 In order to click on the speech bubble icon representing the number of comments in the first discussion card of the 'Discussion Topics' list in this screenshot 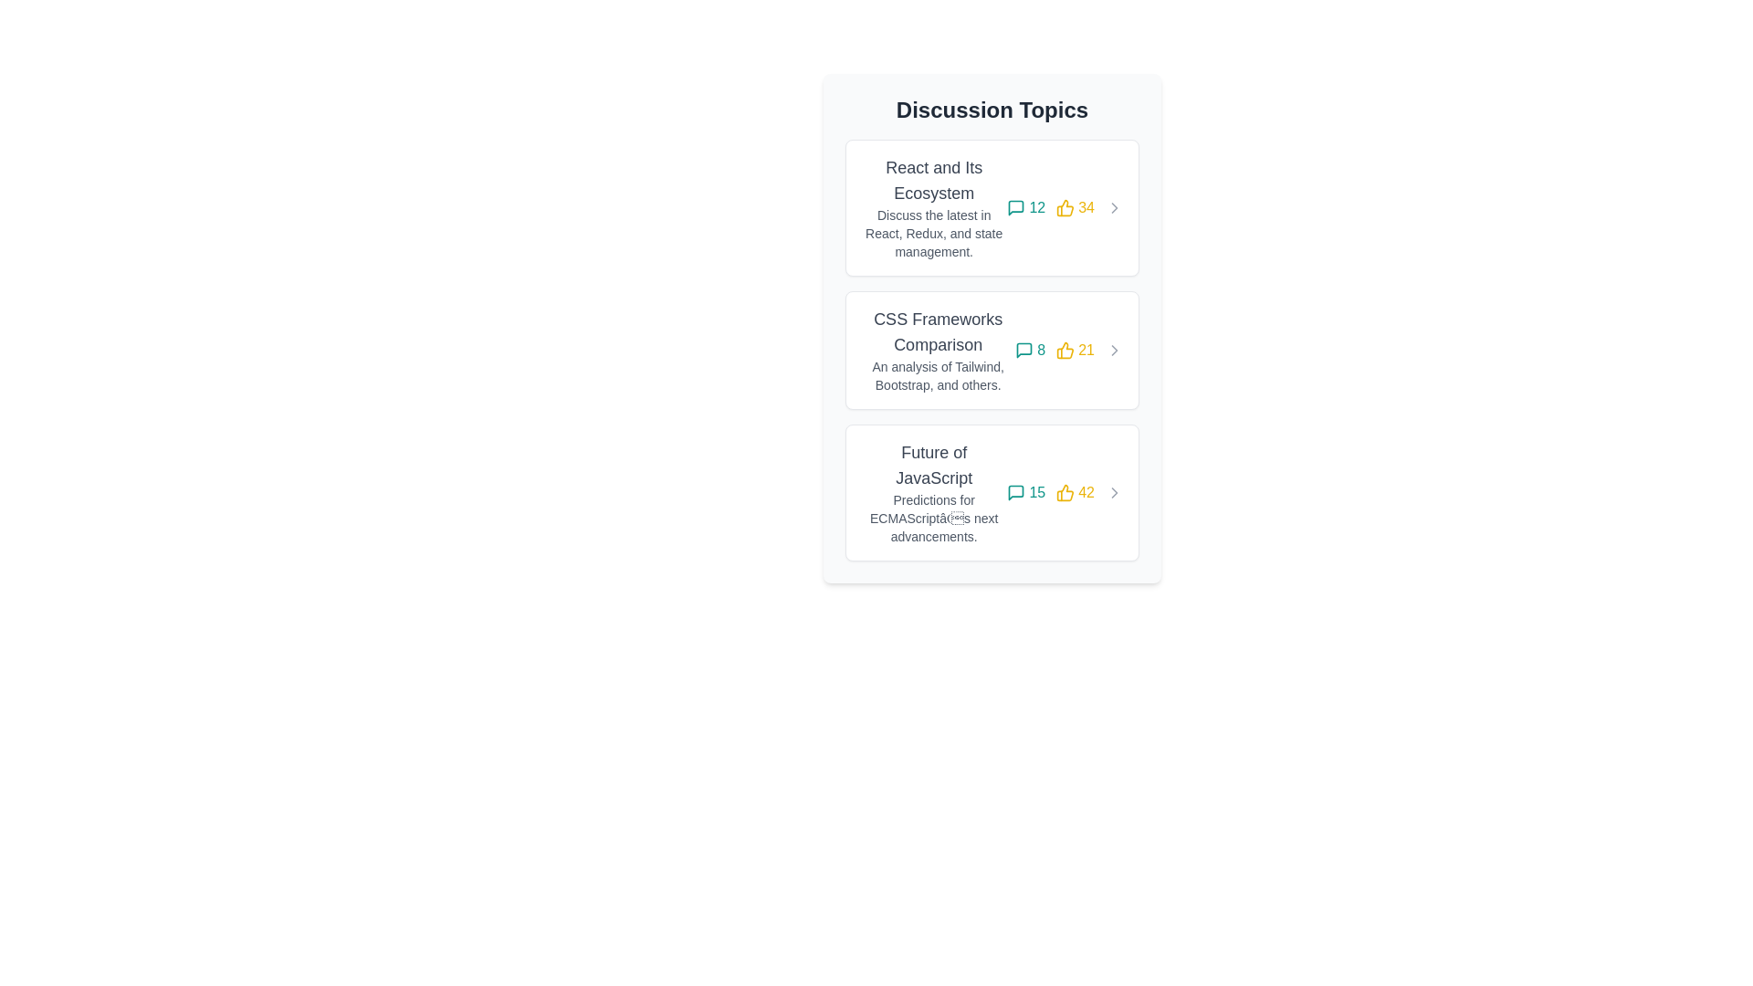, I will do `click(1015, 206)`.